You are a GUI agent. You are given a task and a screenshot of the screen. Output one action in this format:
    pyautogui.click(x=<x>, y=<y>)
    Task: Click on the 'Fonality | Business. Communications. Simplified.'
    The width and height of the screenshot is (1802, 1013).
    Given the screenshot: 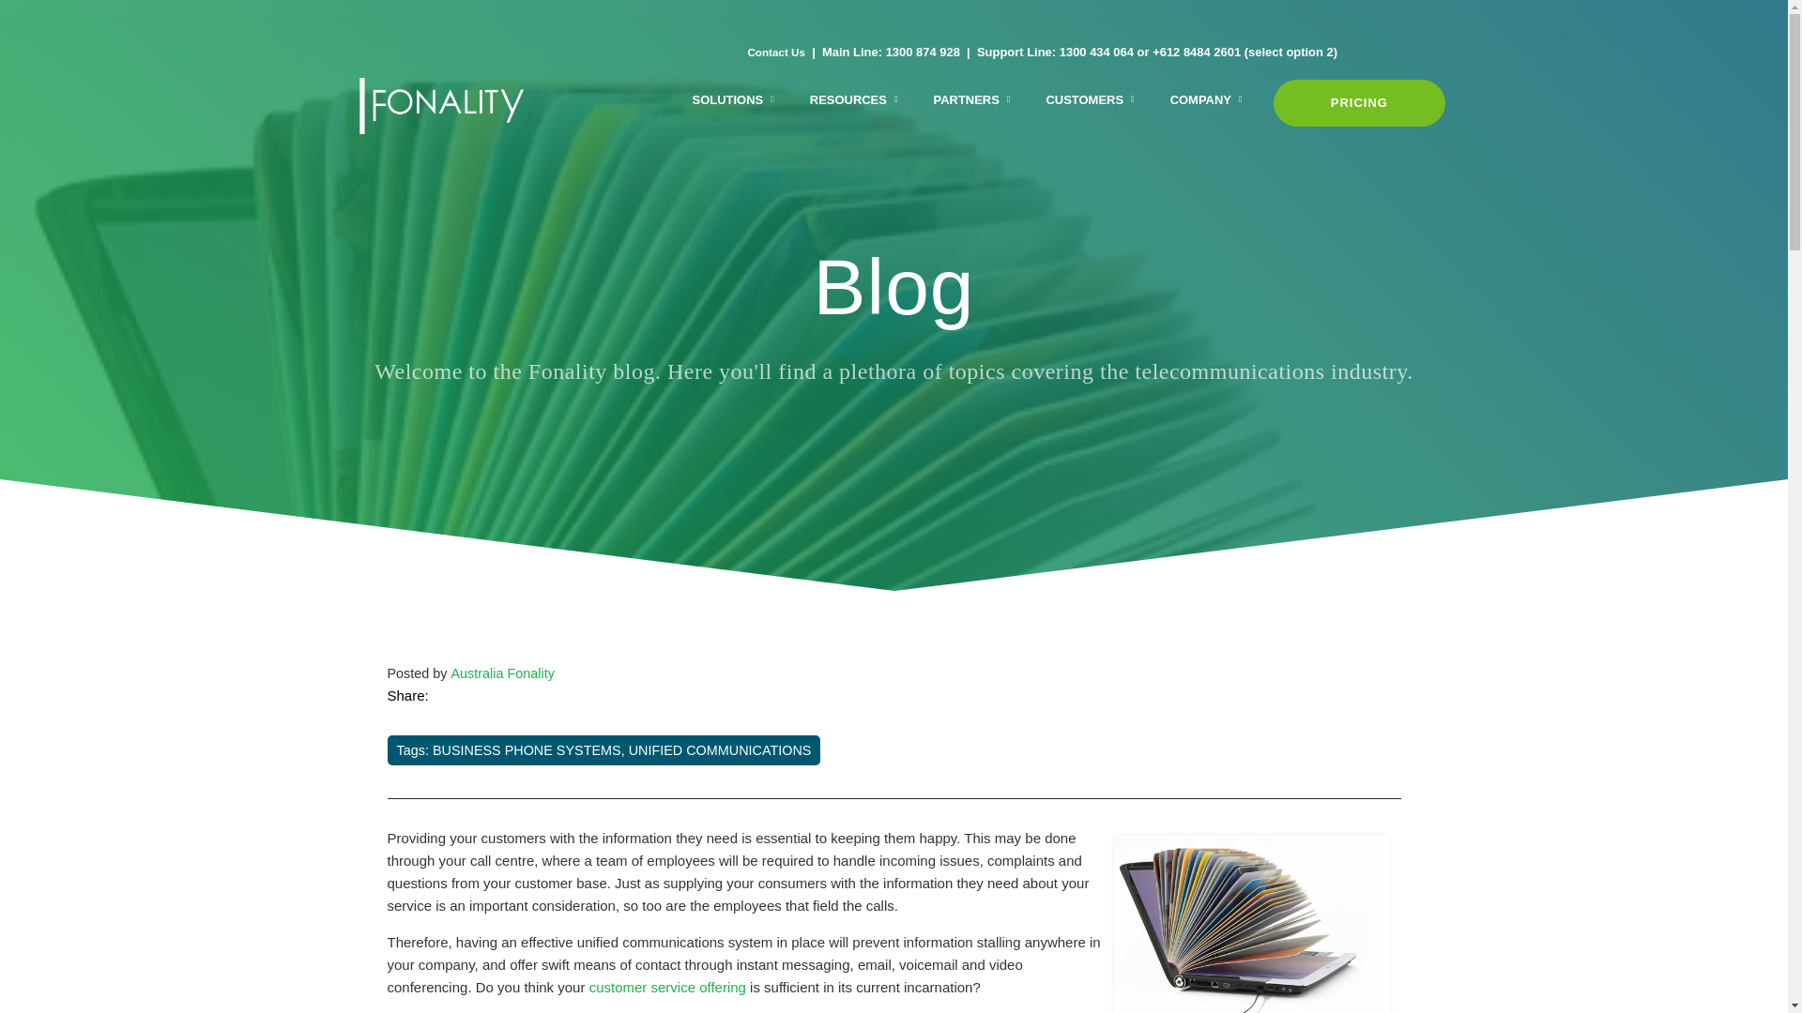 What is the action you would take?
    pyautogui.click(x=359, y=105)
    